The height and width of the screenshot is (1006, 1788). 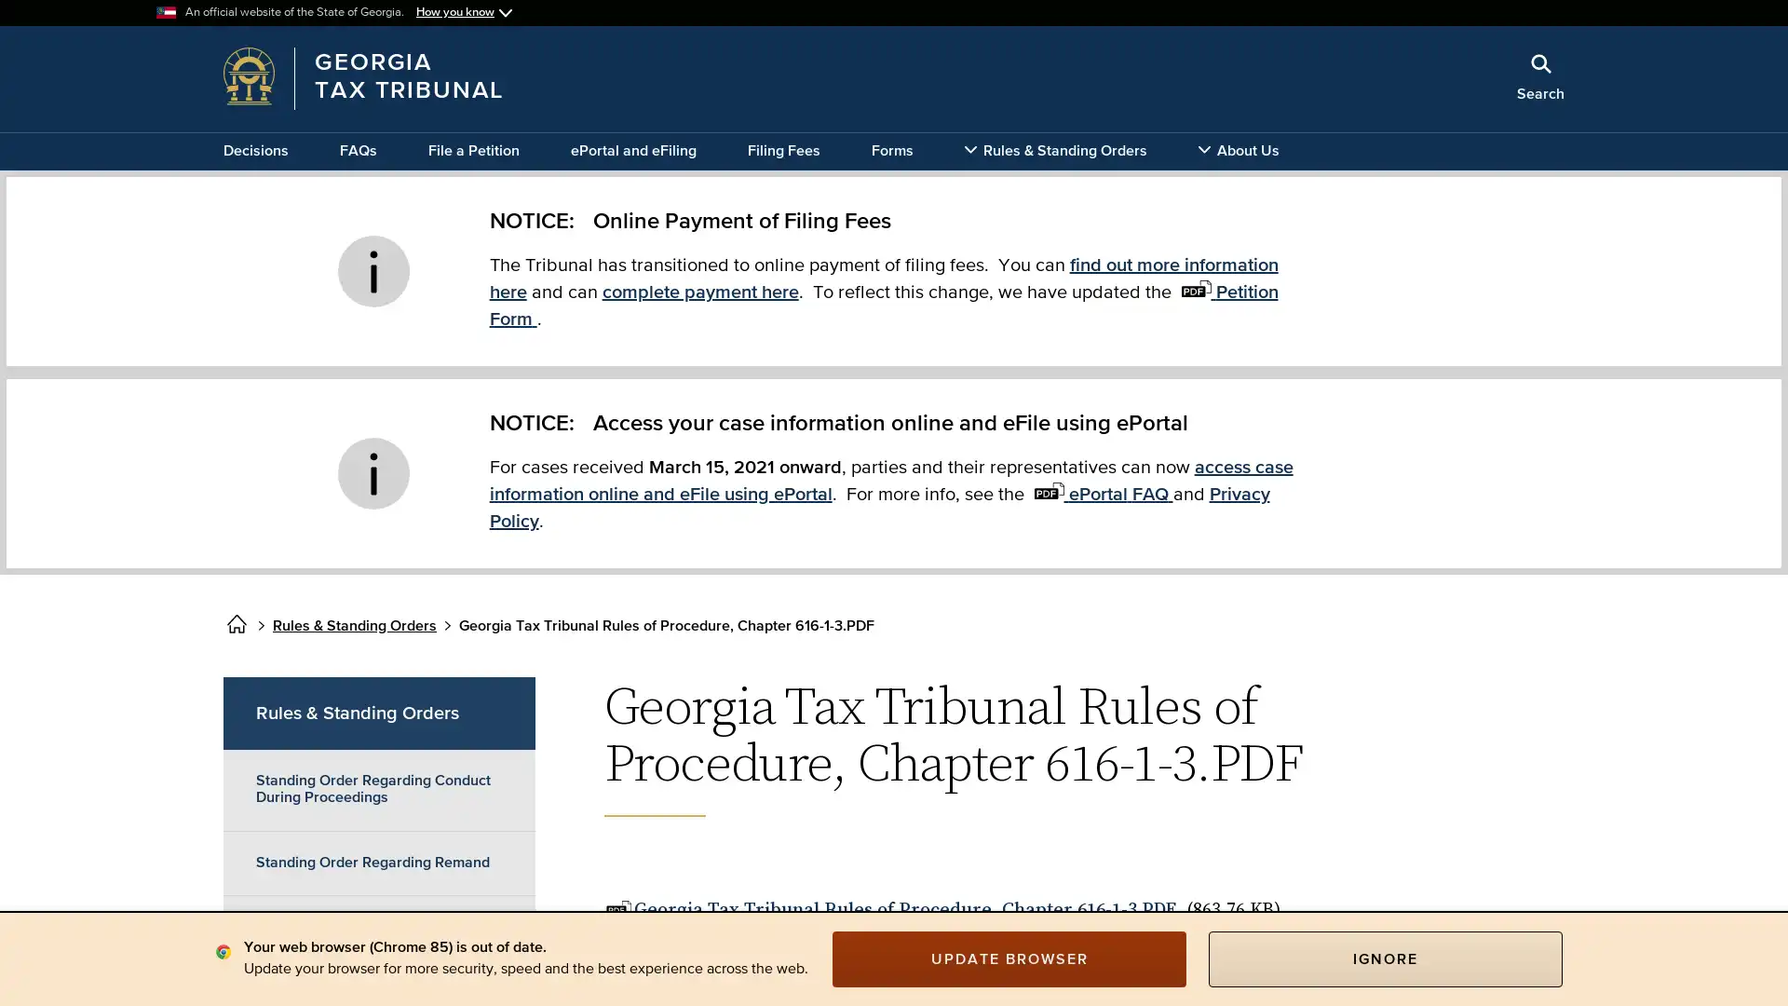 I want to click on IGNORE, so click(x=1386, y=958).